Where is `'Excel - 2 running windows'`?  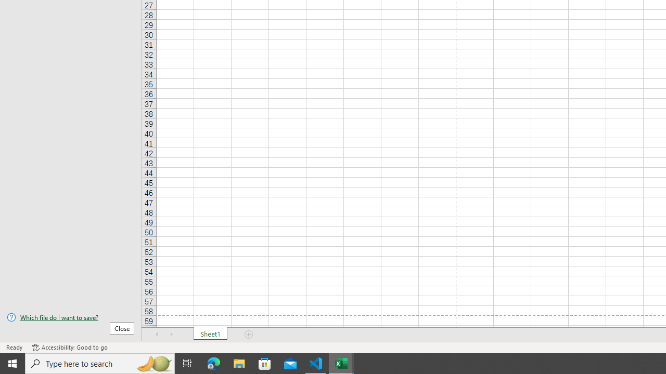
'Excel - 2 running windows' is located at coordinates (341, 363).